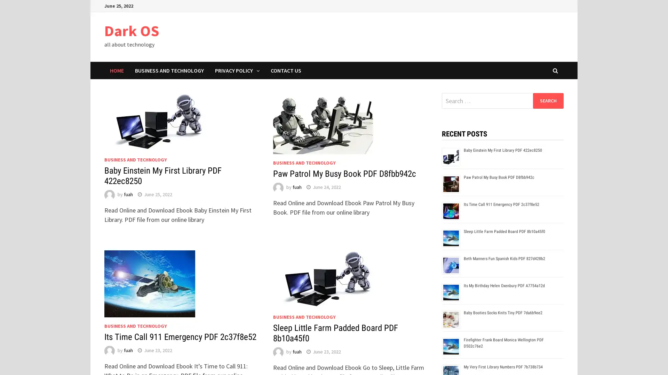  What do you see at coordinates (548, 100) in the screenshot?
I see `Search` at bounding box center [548, 100].